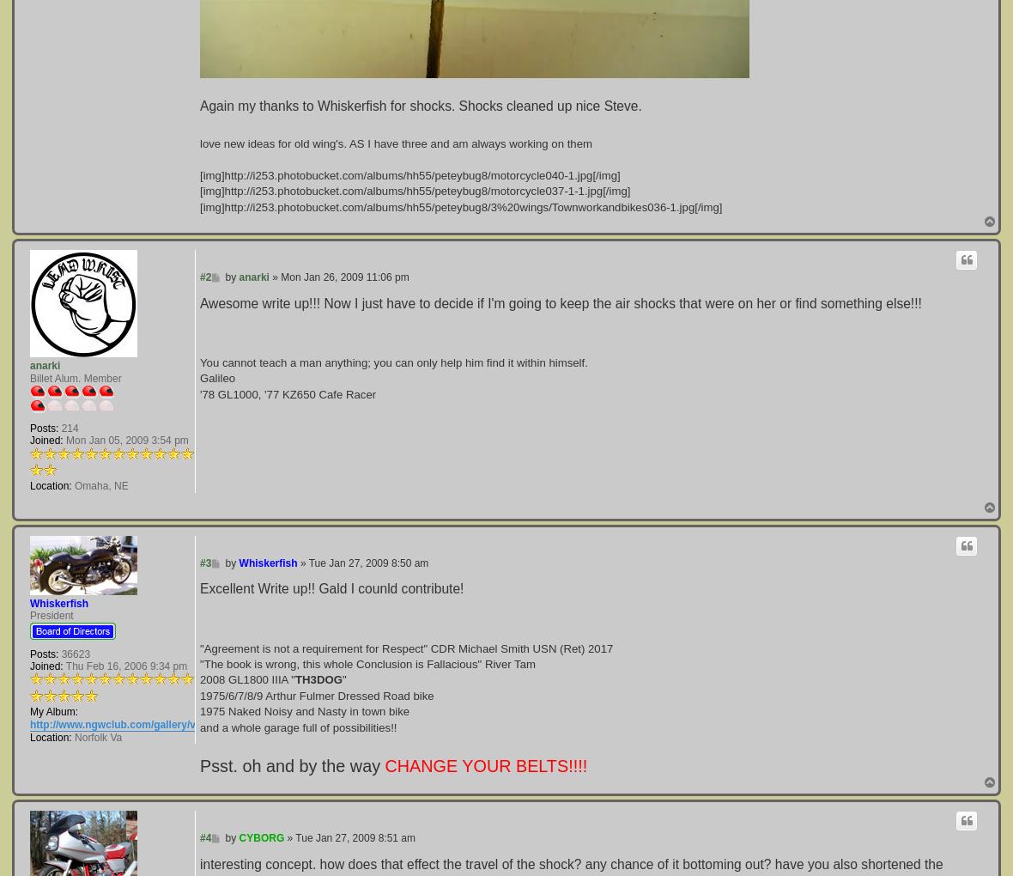 The image size is (1013, 876). I want to click on 'Again my thanks to Whiskerfish for shocks. Shocks cleaned up nice Steve.', so click(421, 104).